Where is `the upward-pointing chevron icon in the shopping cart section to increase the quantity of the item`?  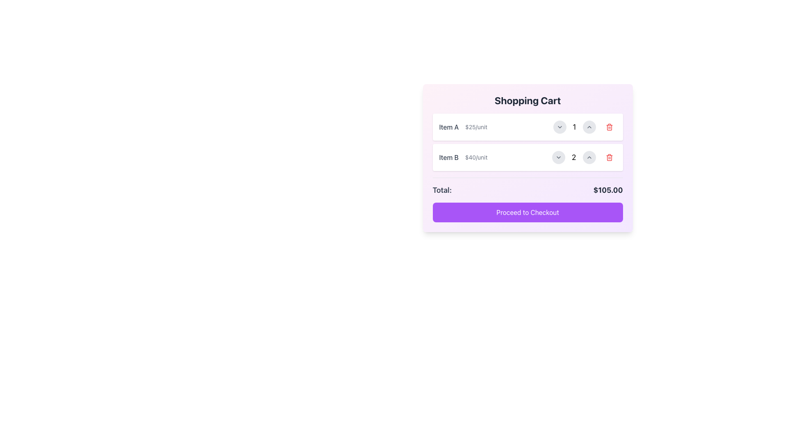 the upward-pointing chevron icon in the shopping cart section to increase the quantity of the item is located at coordinates (589, 158).